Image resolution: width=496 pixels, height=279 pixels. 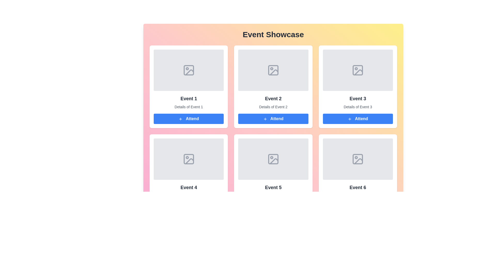 What do you see at coordinates (188, 187) in the screenshot?
I see `the text block containing the phrase 'Event 4', which is styled in bold and located in the lower section of the fourth card in a grid layout` at bounding box center [188, 187].